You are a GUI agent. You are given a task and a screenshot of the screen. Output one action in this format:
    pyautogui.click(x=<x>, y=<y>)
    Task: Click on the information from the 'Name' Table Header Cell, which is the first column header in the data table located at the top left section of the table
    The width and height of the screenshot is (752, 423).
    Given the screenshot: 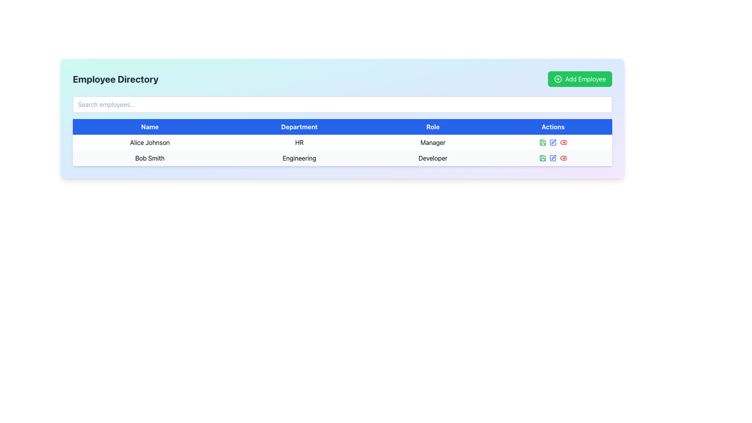 What is the action you would take?
    pyautogui.click(x=150, y=127)
    